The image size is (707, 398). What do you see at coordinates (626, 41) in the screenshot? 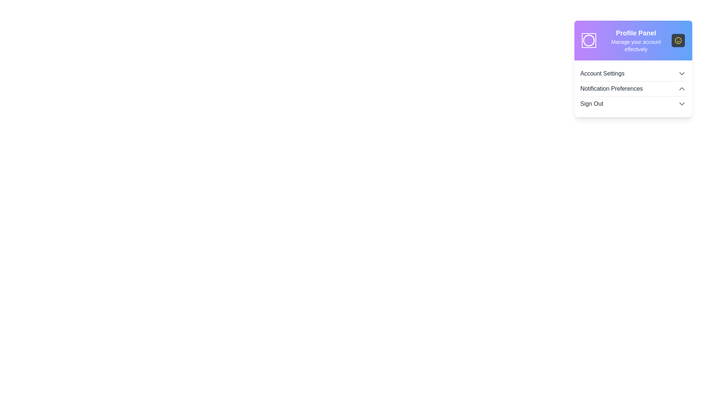
I see `the icon in the header of the profile panel` at bounding box center [626, 41].